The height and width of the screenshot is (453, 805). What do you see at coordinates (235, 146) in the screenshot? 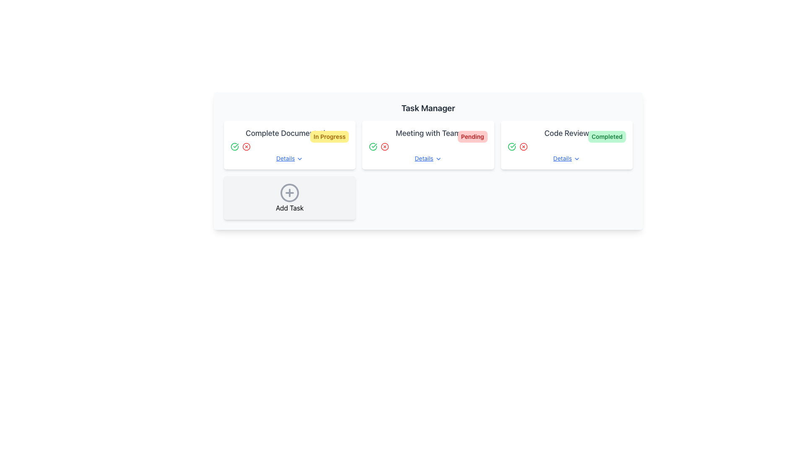
I see `the circular button with a green outline and checkmark icon, located in the 'Complete Document' task card at the top-left of the interface` at bounding box center [235, 146].